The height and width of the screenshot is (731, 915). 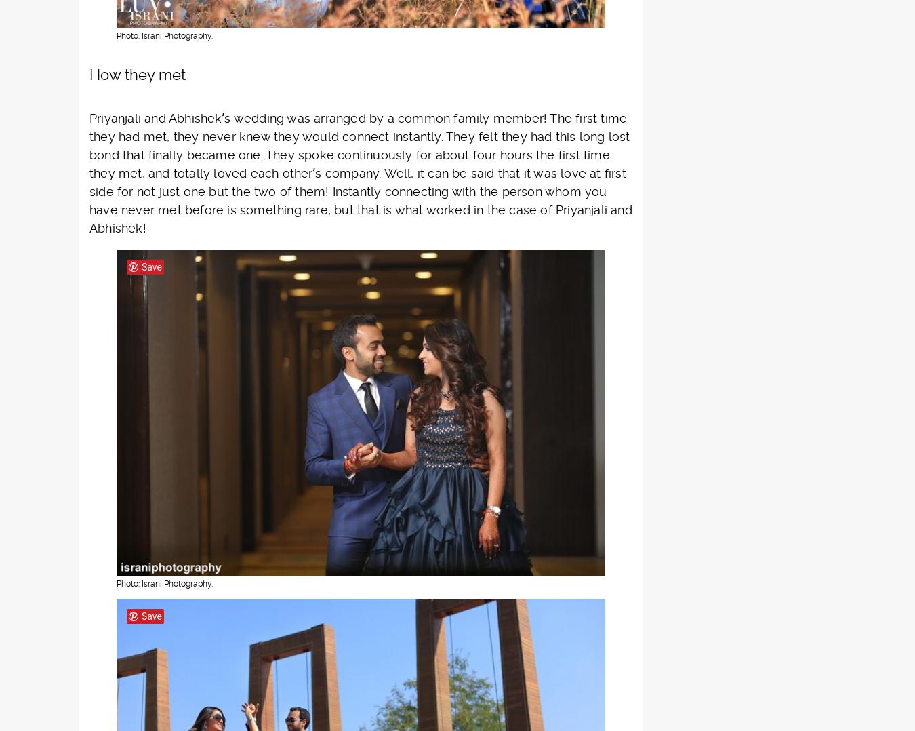 I want to click on 'jewellers', so click(x=500, y=376).